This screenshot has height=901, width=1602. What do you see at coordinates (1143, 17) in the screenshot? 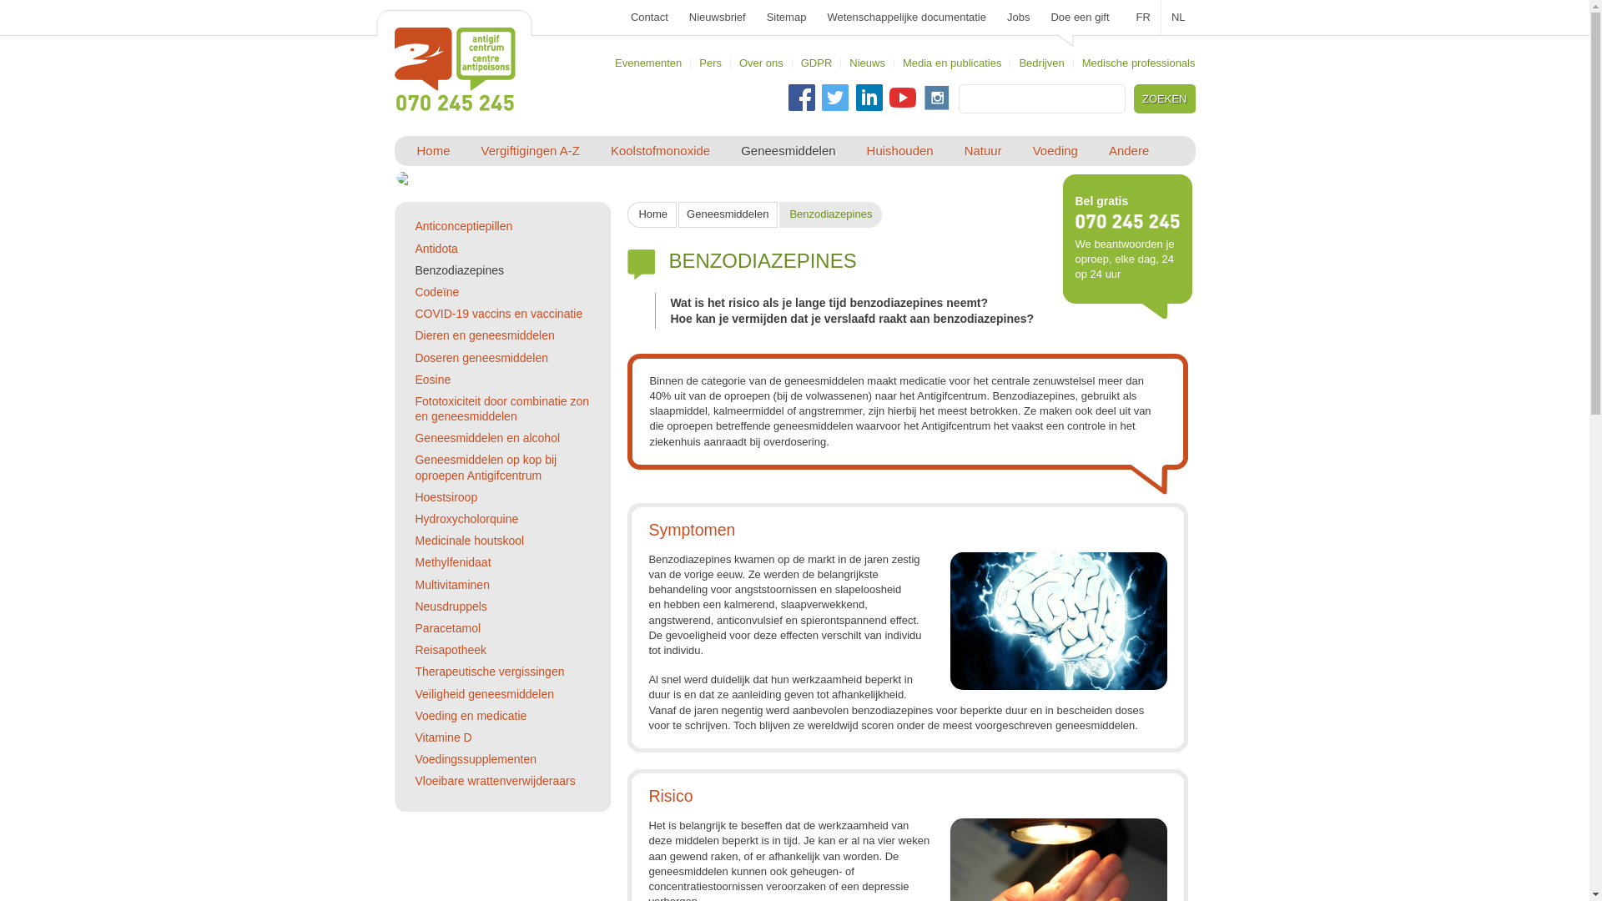
I see `'FR'` at bounding box center [1143, 17].